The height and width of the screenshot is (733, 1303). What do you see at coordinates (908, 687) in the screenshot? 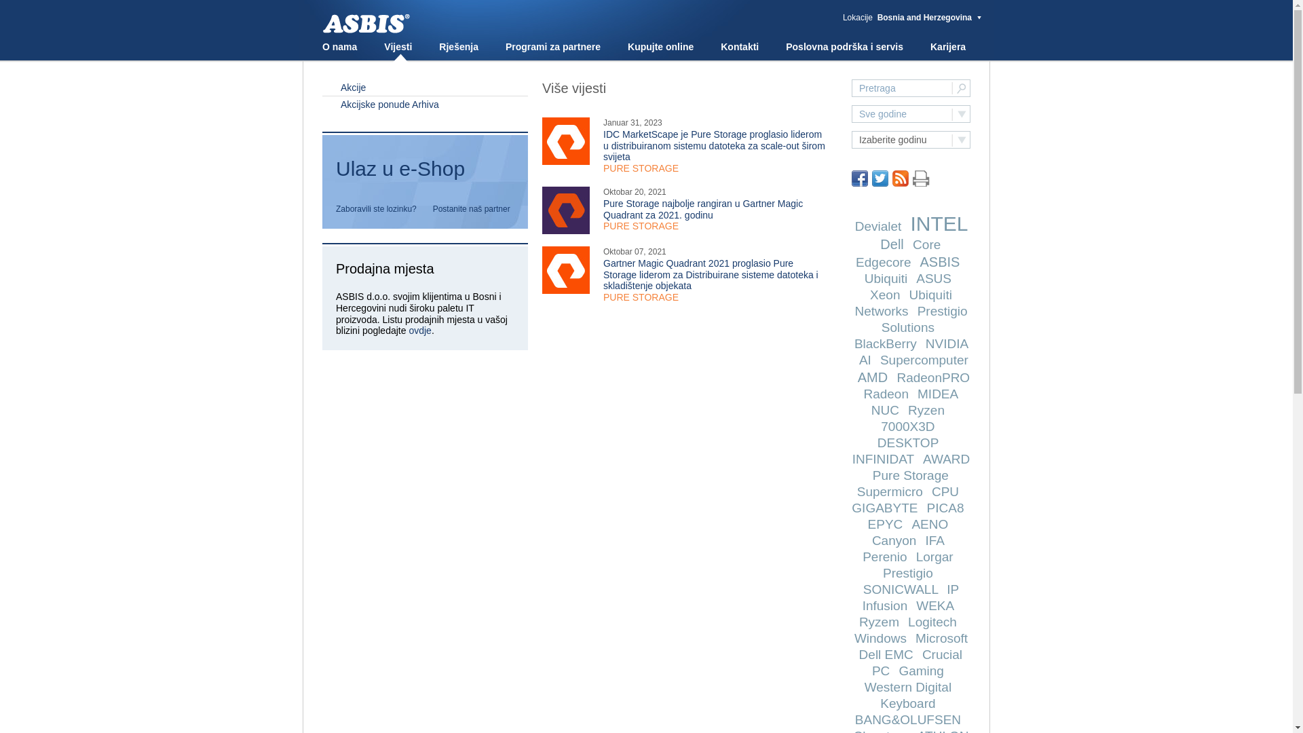
I see `'Western Digital'` at bounding box center [908, 687].